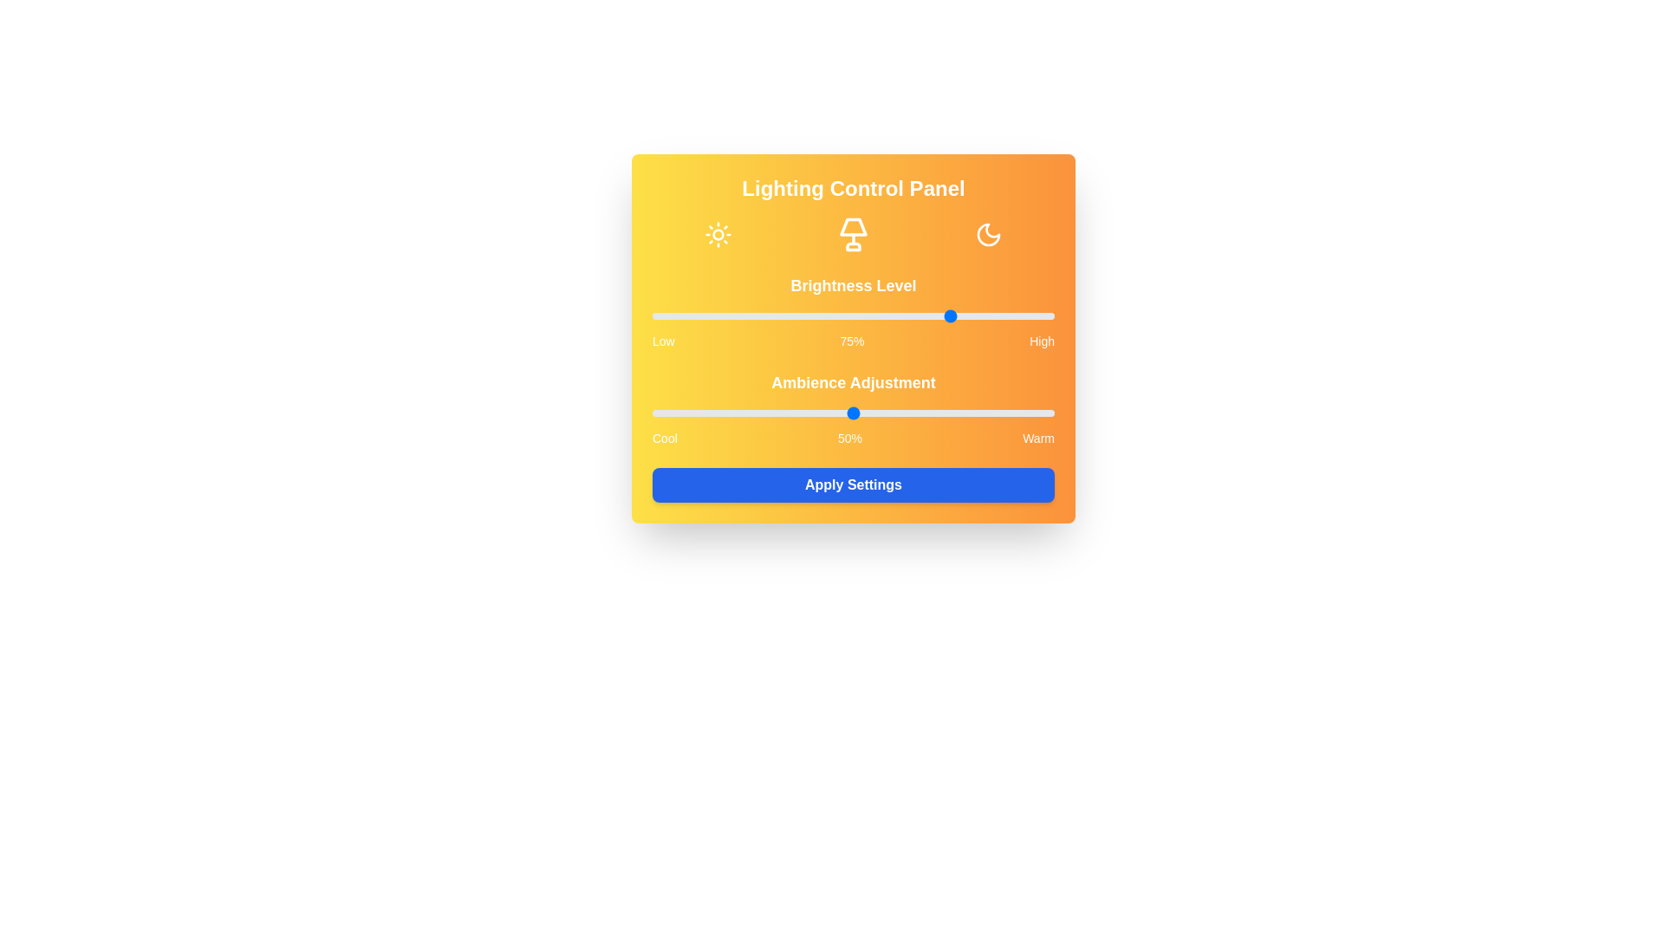  Describe the element at coordinates (705, 316) in the screenshot. I see `the brightness slider to set the brightness level to 13%` at that location.